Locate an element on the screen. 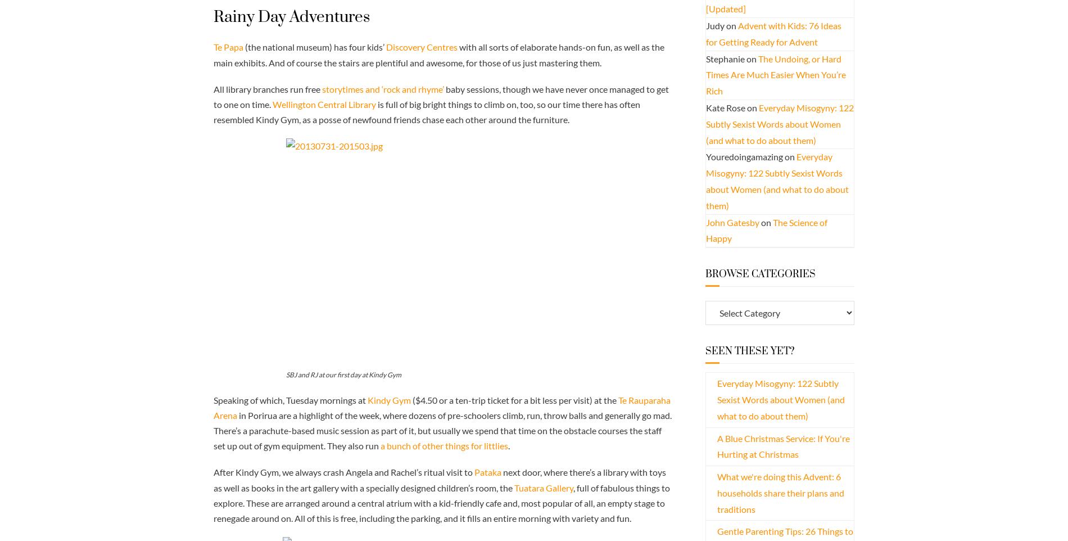  'Browse Categories' is located at coordinates (759, 274).